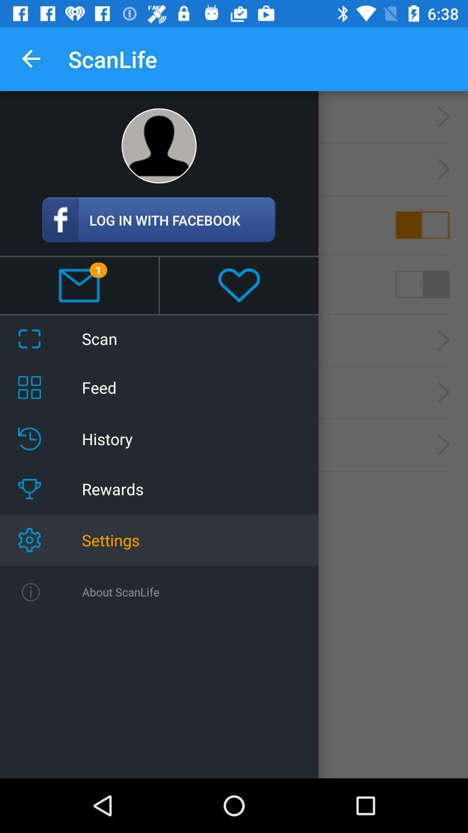  Describe the element at coordinates (239, 285) in the screenshot. I see `the heart emoji symbol below the login with facebook icon` at that location.